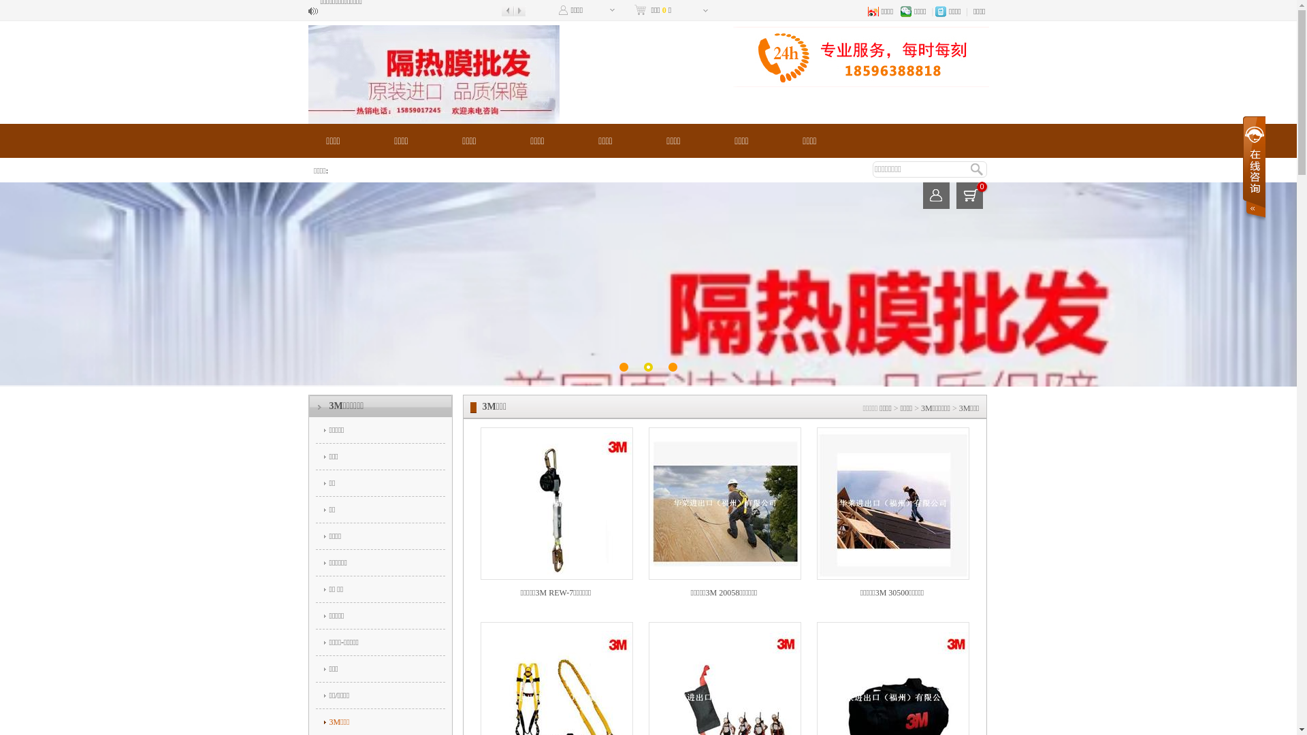 The width and height of the screenshot is (1307, 735). What do you see at coordinates (969, 195) in the screenshot?
I see `'0'` at bounding box center [969, 195].